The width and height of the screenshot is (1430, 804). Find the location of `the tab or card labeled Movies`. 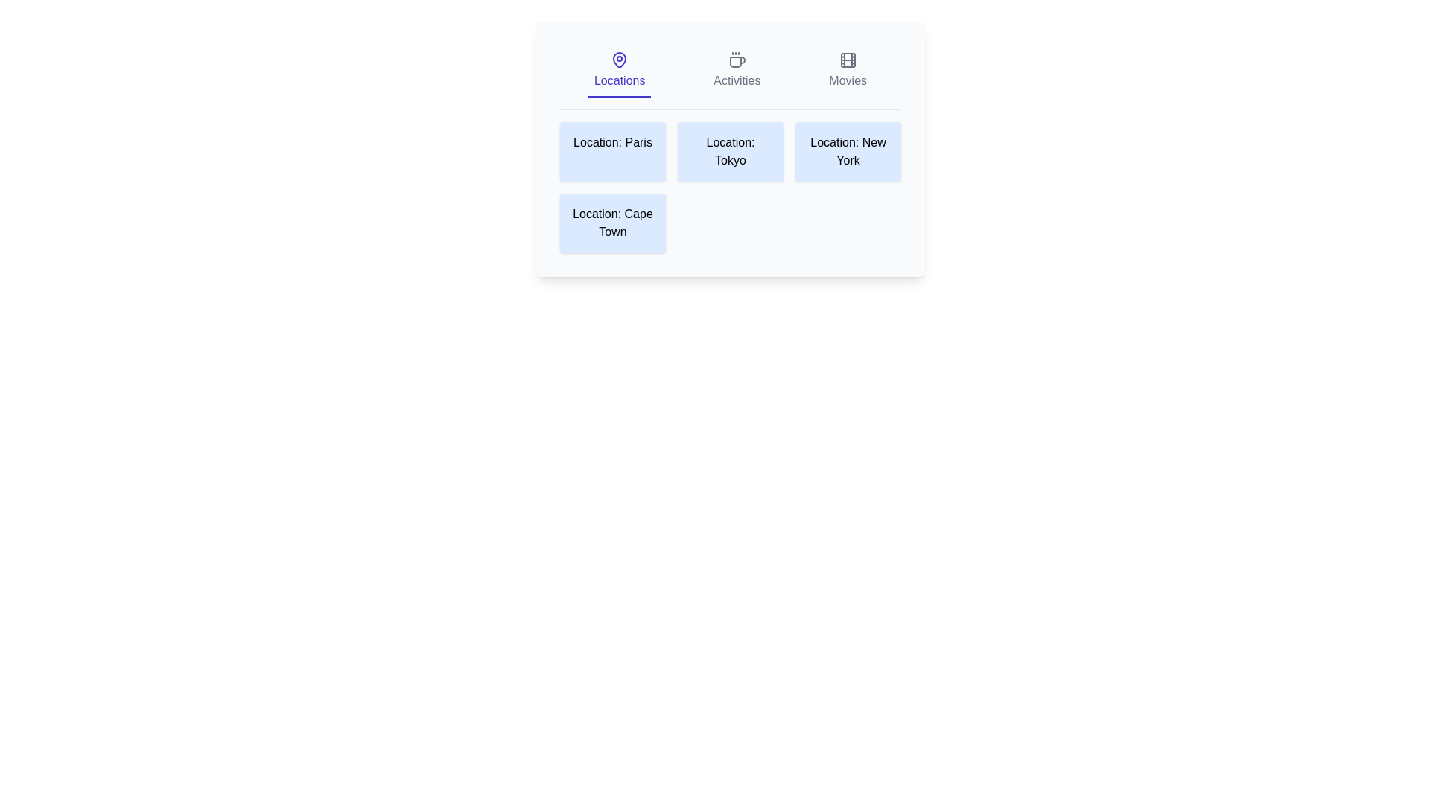

the tab or card labeled Movies is located at coordinates (848, 71).